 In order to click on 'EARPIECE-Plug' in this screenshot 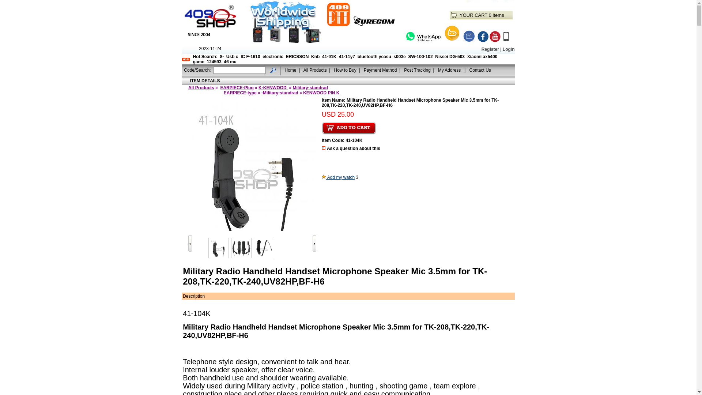, I will do `click(237, 87)`.